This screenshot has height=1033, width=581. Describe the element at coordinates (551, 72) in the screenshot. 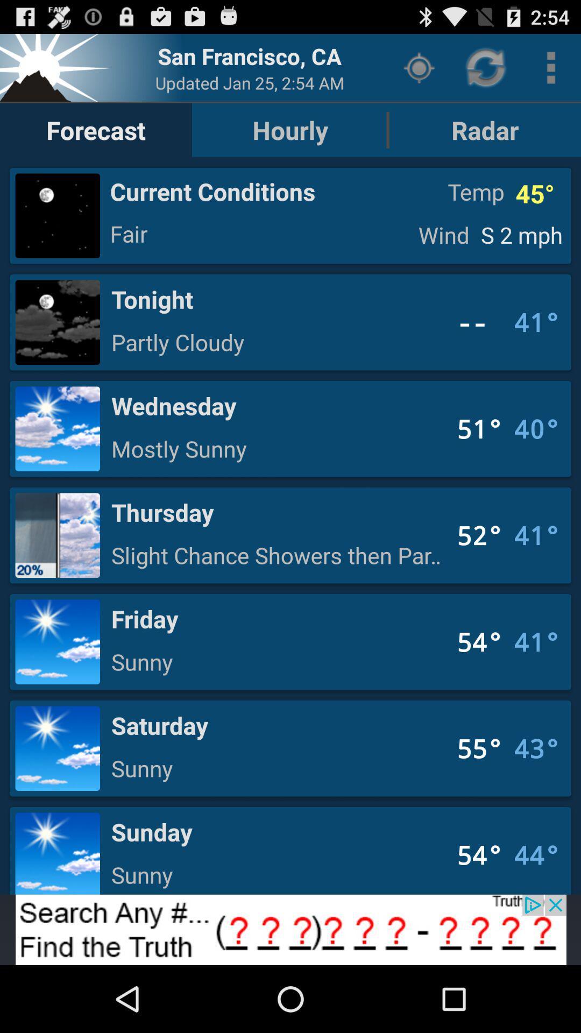

I see `the more icon` at that location.